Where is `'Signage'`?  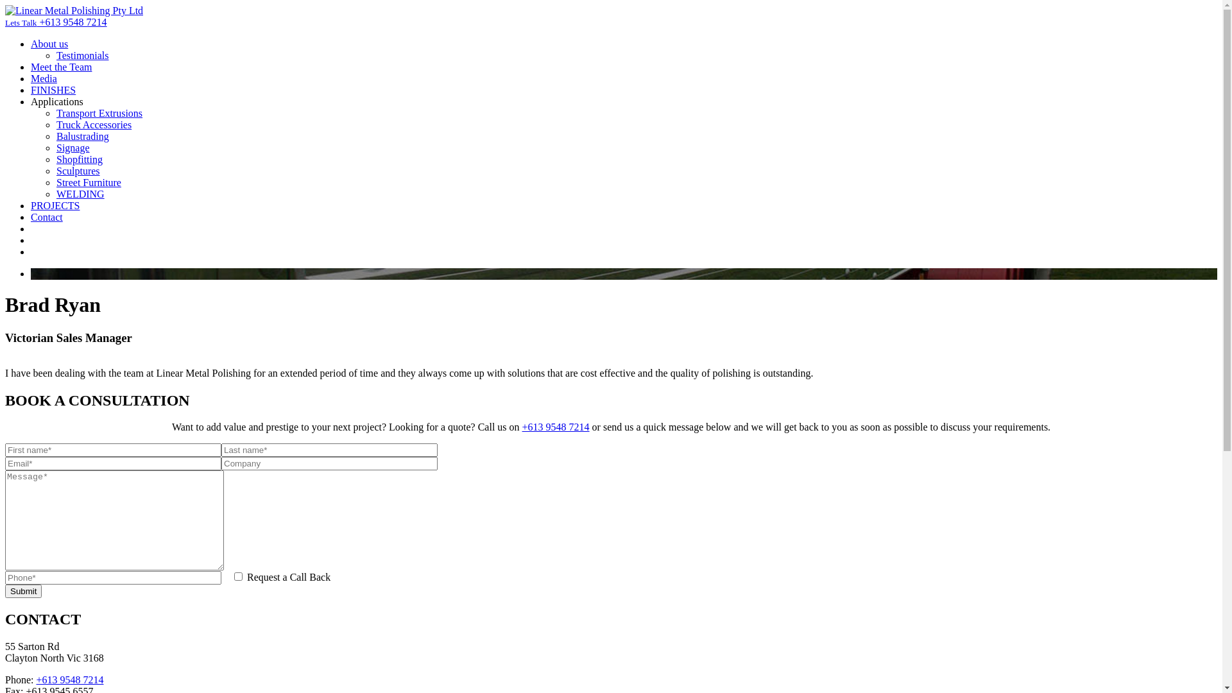
'Signage' is located at coordinates (73, 147).